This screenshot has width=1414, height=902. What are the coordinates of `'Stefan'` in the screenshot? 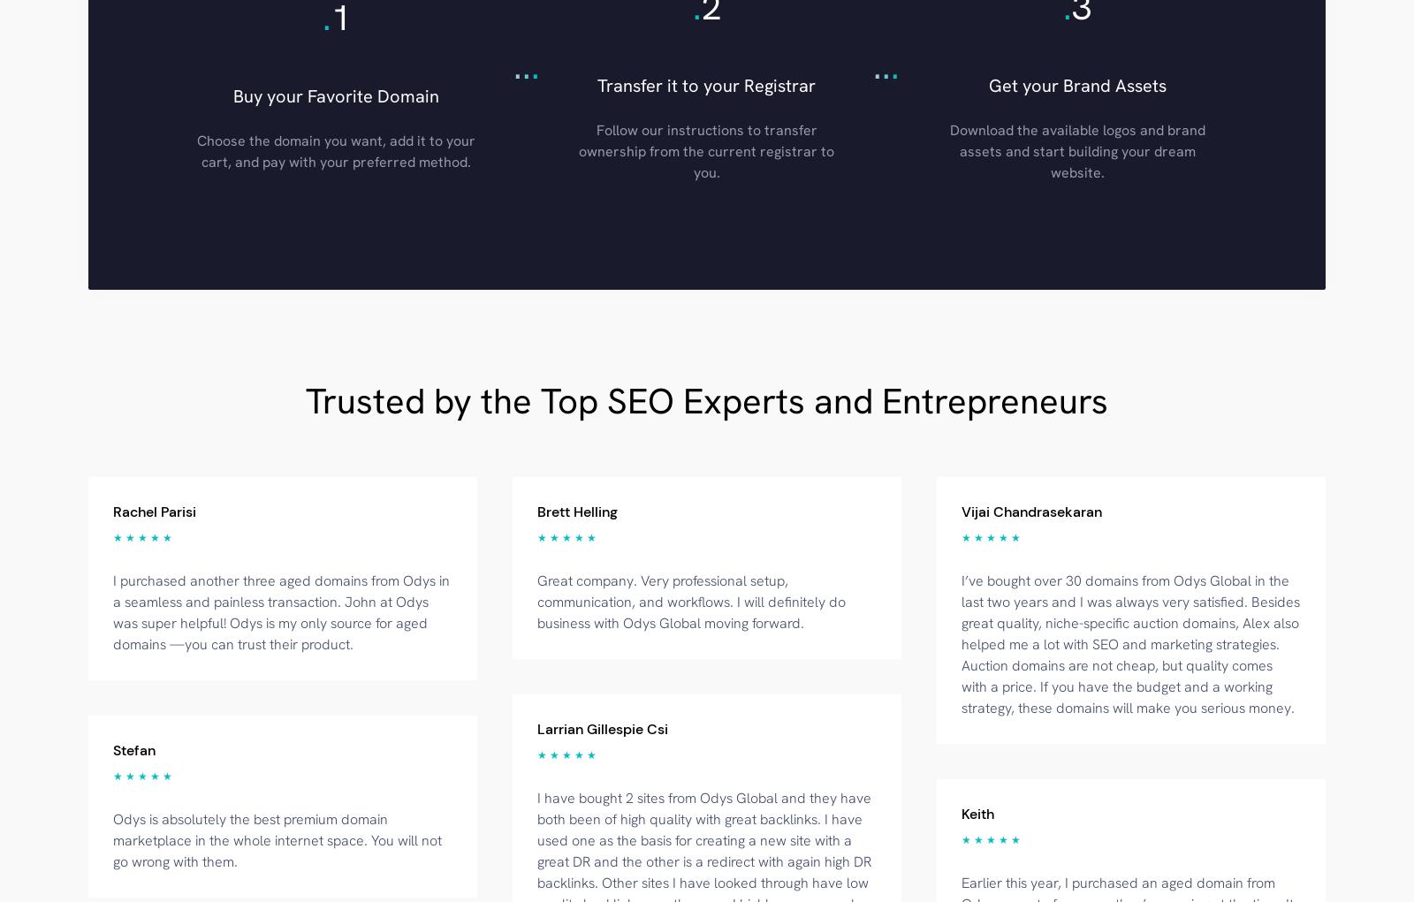 It's located at (133, 749).